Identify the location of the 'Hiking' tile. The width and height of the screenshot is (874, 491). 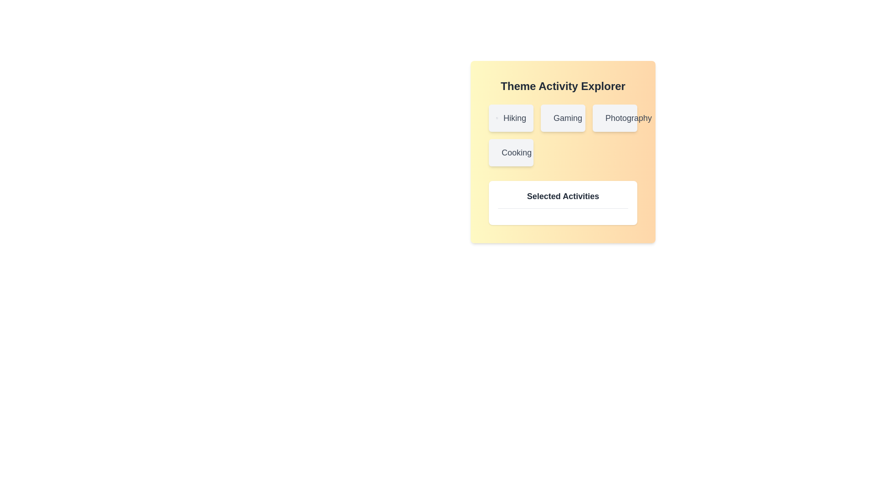
(563, 135).